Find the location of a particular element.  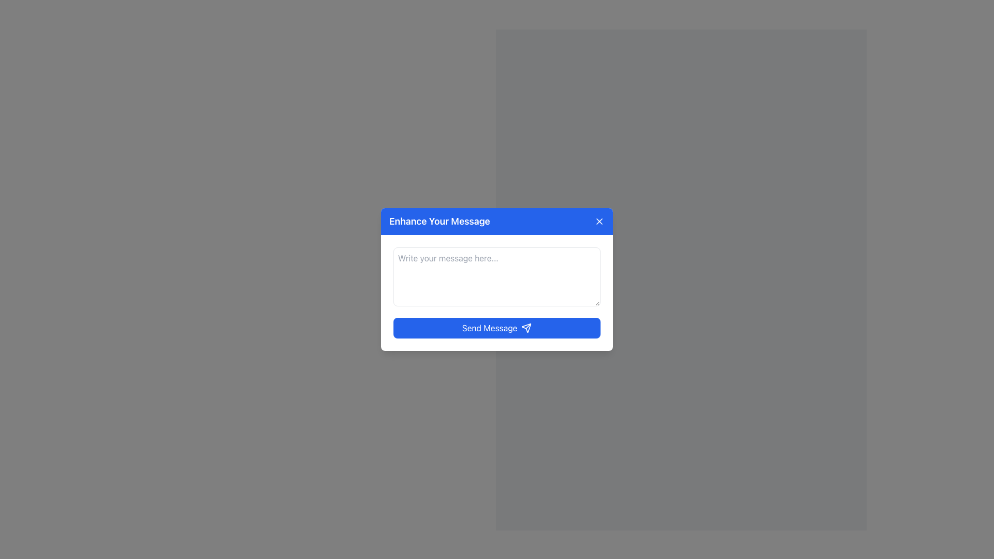

the X-shaped close icon located in the upper-right corner of the modal dialog box, which indicates the functionality for closing the modal is located at coordinates (599, 221).